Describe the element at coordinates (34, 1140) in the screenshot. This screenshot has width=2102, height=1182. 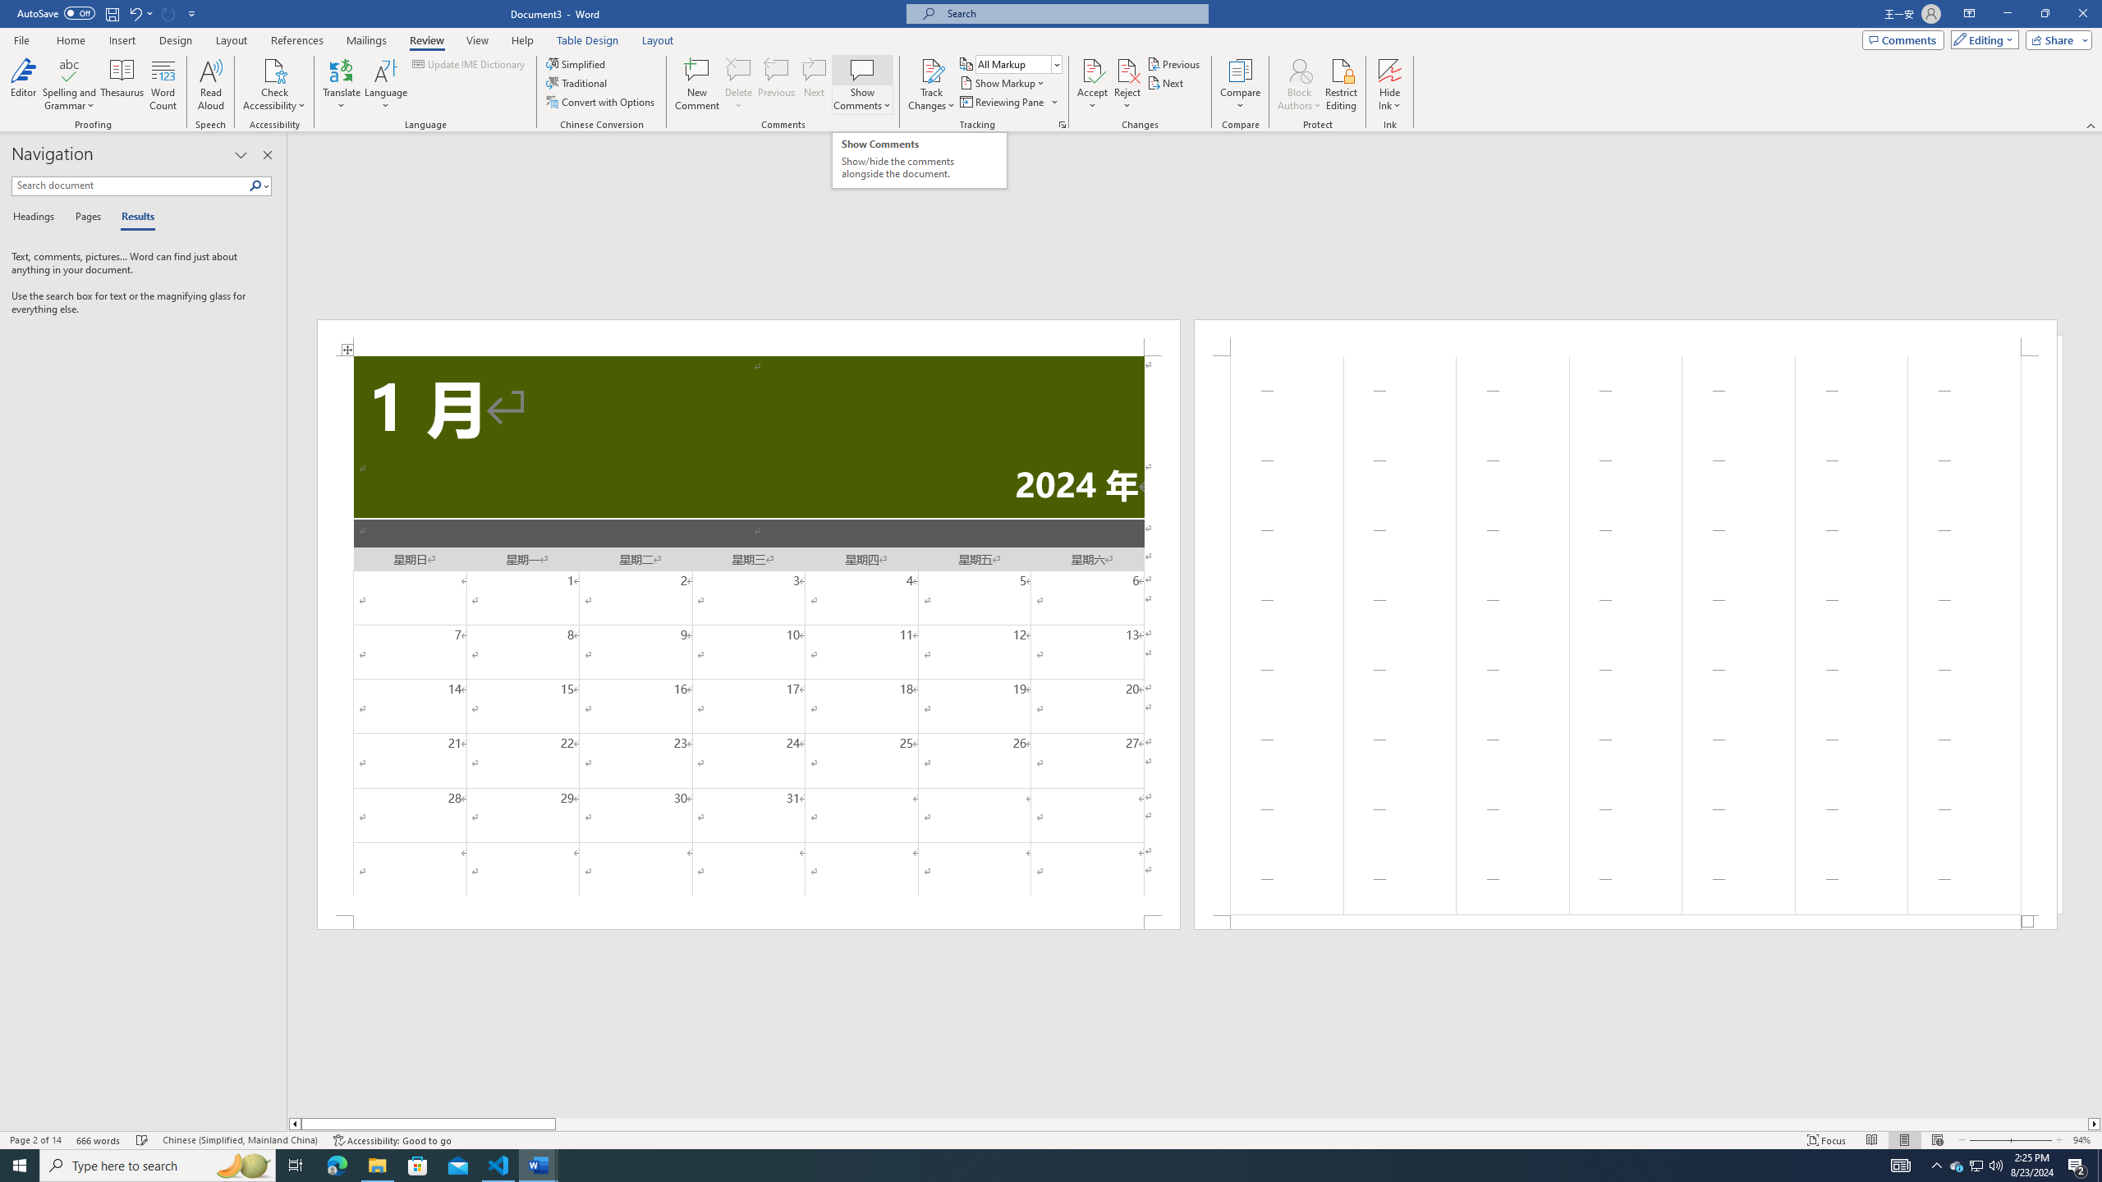
I see `'Page Number Page 2 of 14'` at that location.